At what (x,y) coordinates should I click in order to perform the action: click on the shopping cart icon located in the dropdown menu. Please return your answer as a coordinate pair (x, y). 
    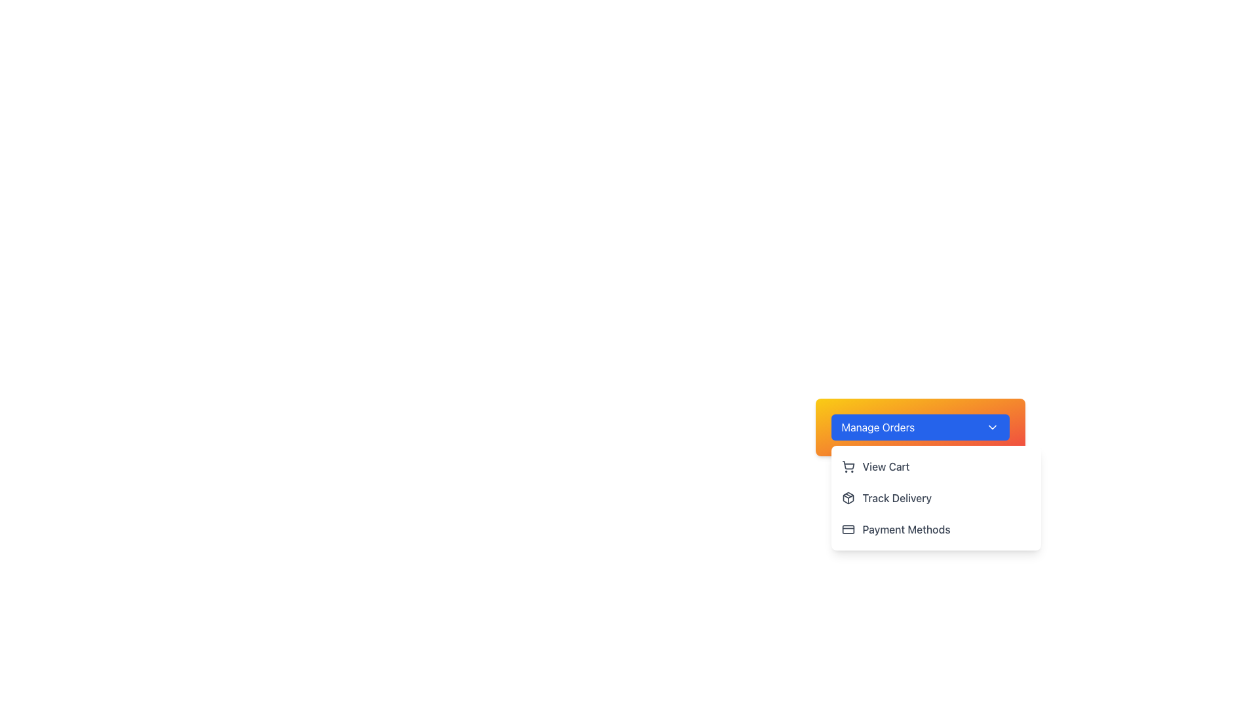
    Looking at the image, I should click on (848, 464).